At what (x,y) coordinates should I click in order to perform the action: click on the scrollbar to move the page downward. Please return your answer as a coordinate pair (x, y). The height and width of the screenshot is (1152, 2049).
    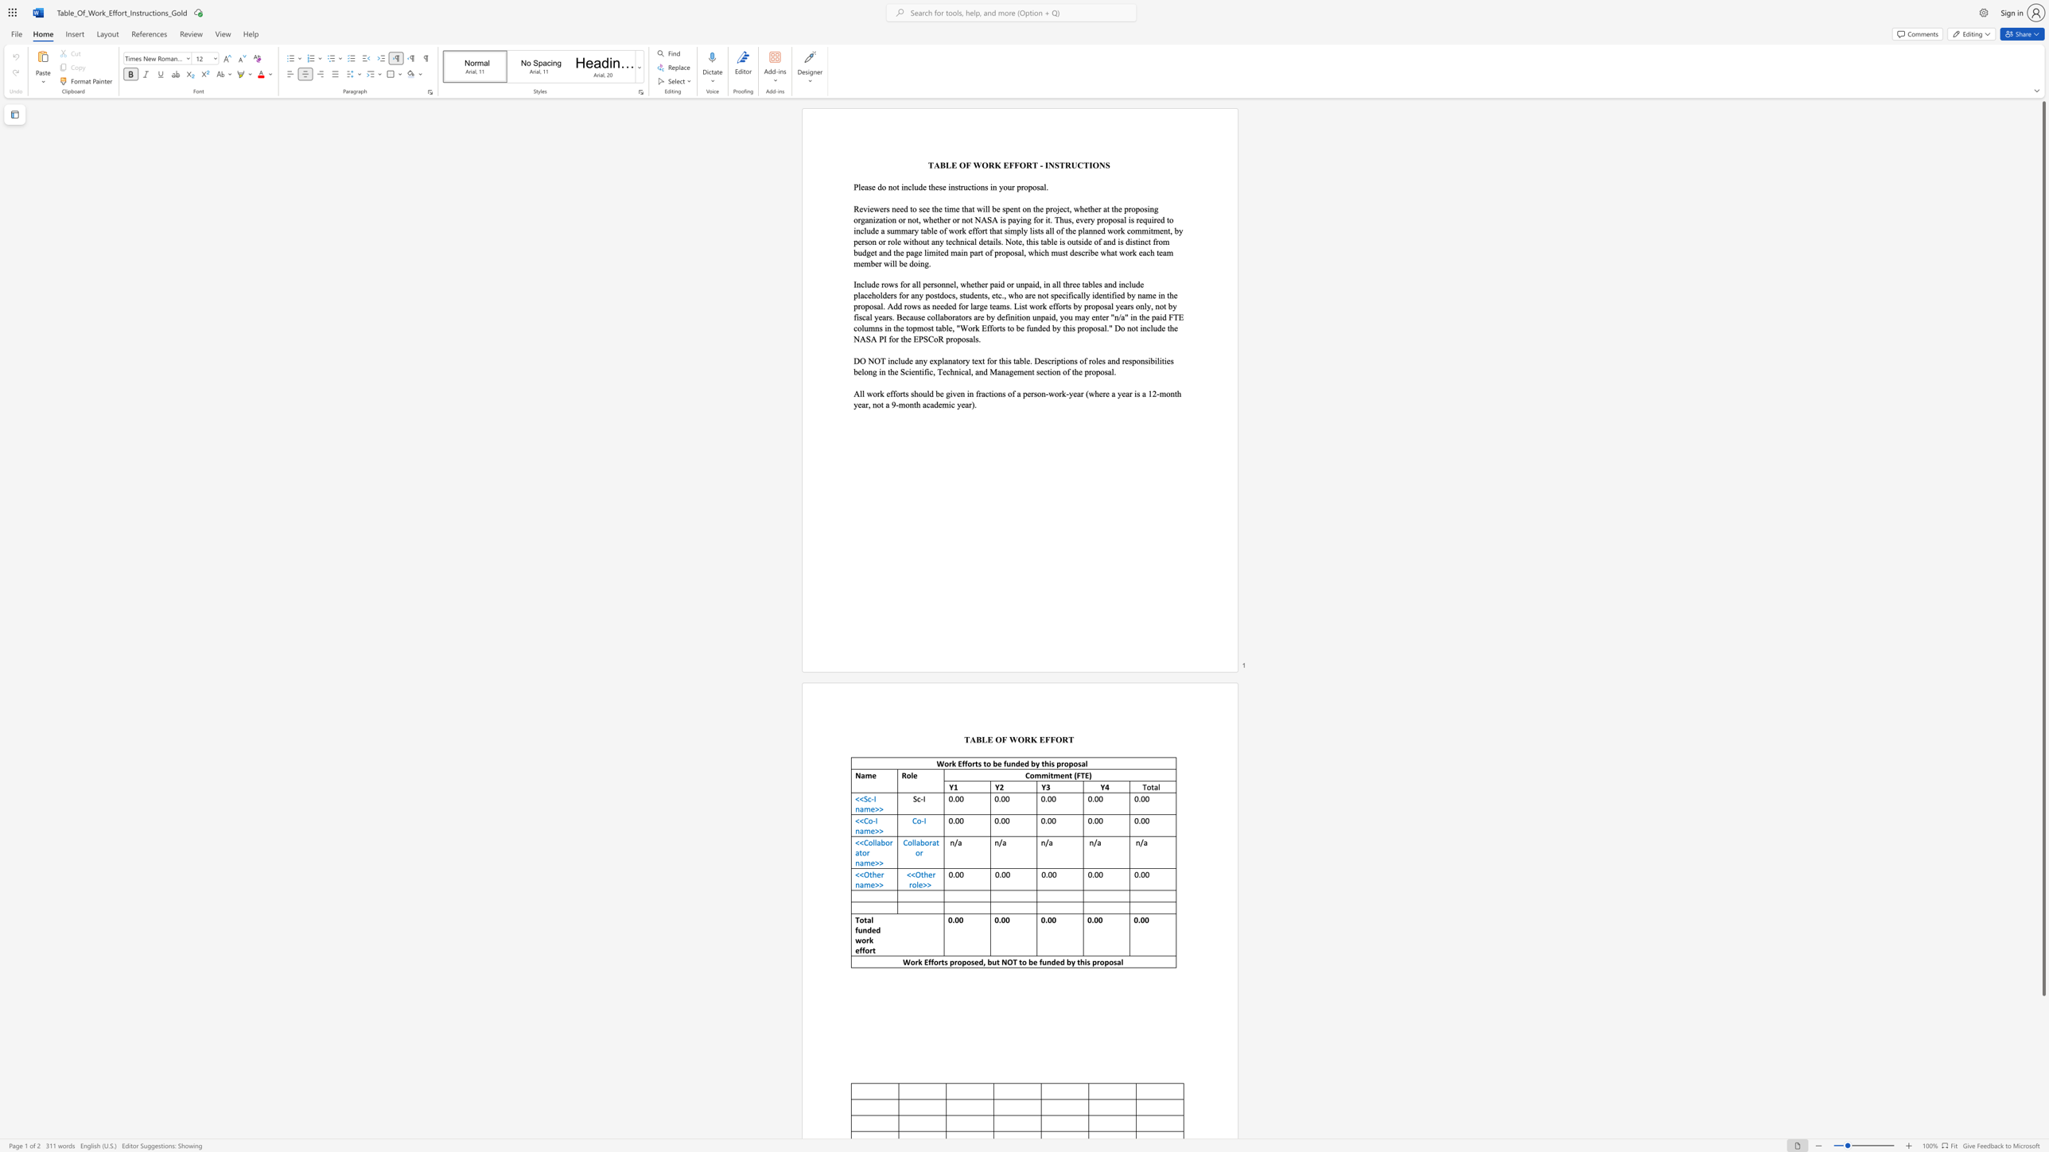
    Looking at the image, I should click on (2043, 1098).